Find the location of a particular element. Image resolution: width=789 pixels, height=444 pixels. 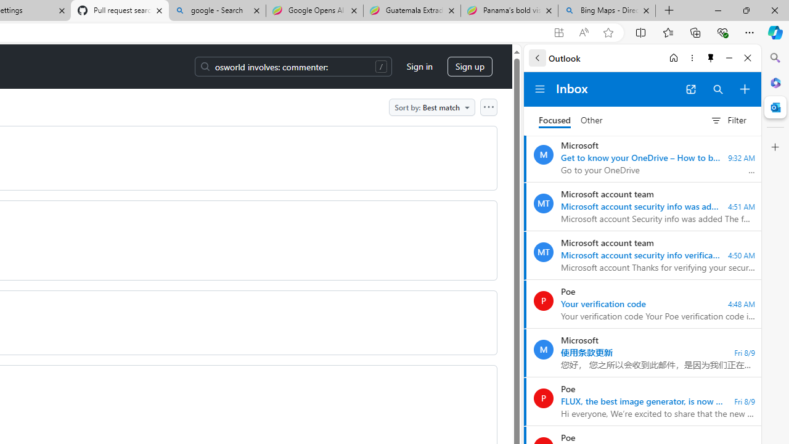

'Folder navigation' is located at coordinates (540, 89).